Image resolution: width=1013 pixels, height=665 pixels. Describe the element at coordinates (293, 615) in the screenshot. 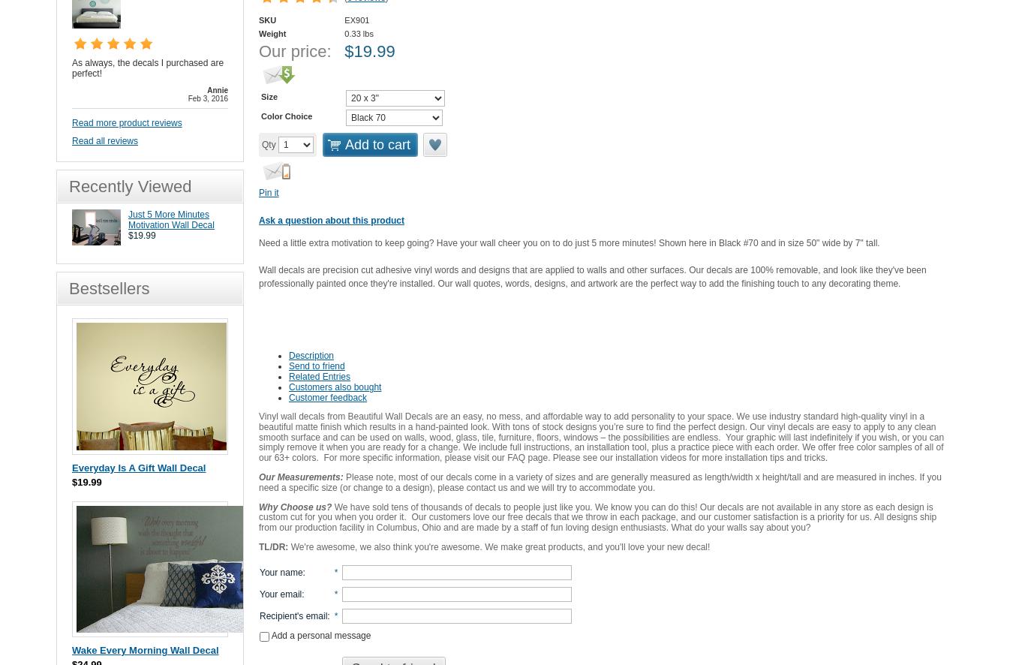

I see `'Recipient's email'` at that location.